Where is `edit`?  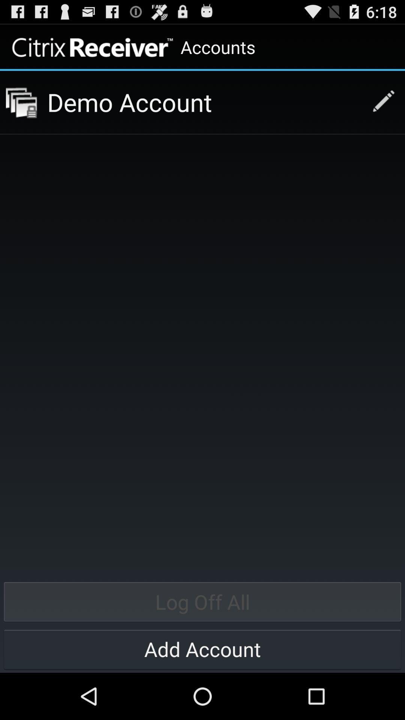
edit is located at coordinates (379, 102).